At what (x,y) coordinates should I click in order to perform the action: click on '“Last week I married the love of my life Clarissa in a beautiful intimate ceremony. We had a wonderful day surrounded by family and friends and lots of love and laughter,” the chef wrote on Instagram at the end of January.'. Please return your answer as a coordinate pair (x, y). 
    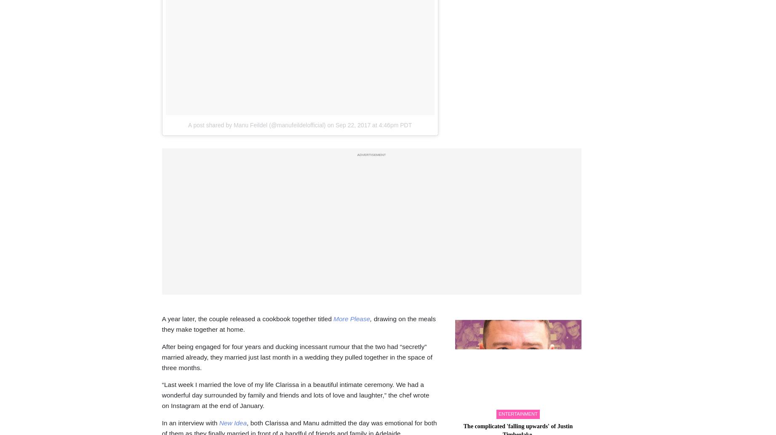
    Looking at the image, I should click on (162, 395).